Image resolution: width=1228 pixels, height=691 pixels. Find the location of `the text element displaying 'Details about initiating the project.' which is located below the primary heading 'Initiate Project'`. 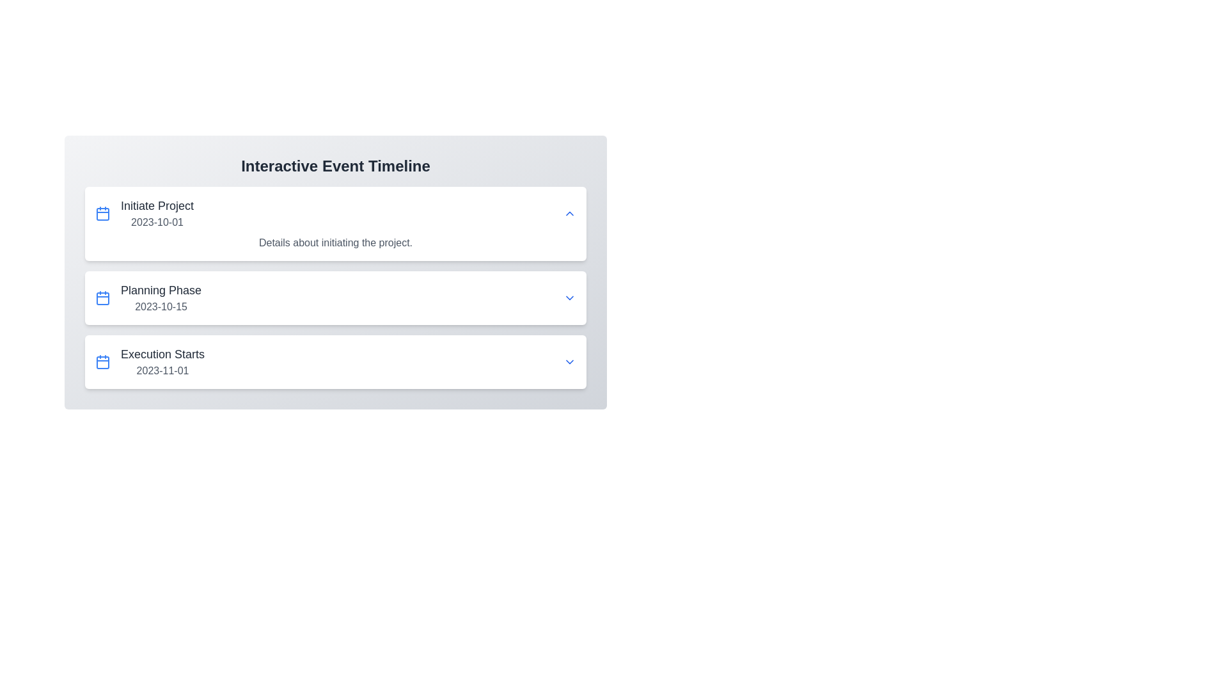

the text element displaying 'Details about initiating the project.' which is located below the primary heading 'Initiate Project' is located at coordinates (335, 240).